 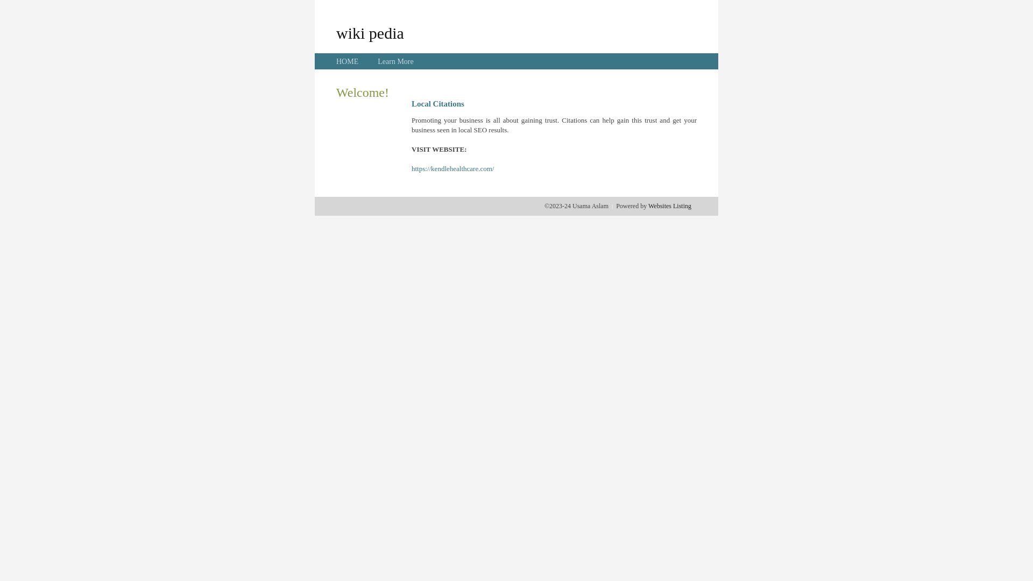 What do you see at coordinates (669, 206) in the screenshot?
I see `'Websites Listing'` at bounding box center [669, 206].